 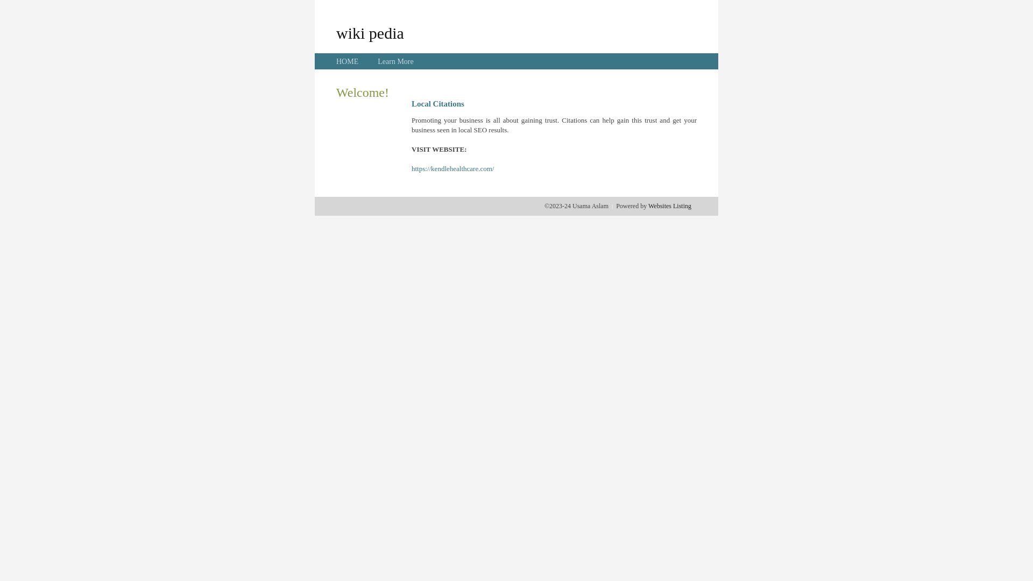 What do you see at coordinates (669, 206) in the screenshot?
I see `'Websites Listing'` at bounding box center [669, 206].